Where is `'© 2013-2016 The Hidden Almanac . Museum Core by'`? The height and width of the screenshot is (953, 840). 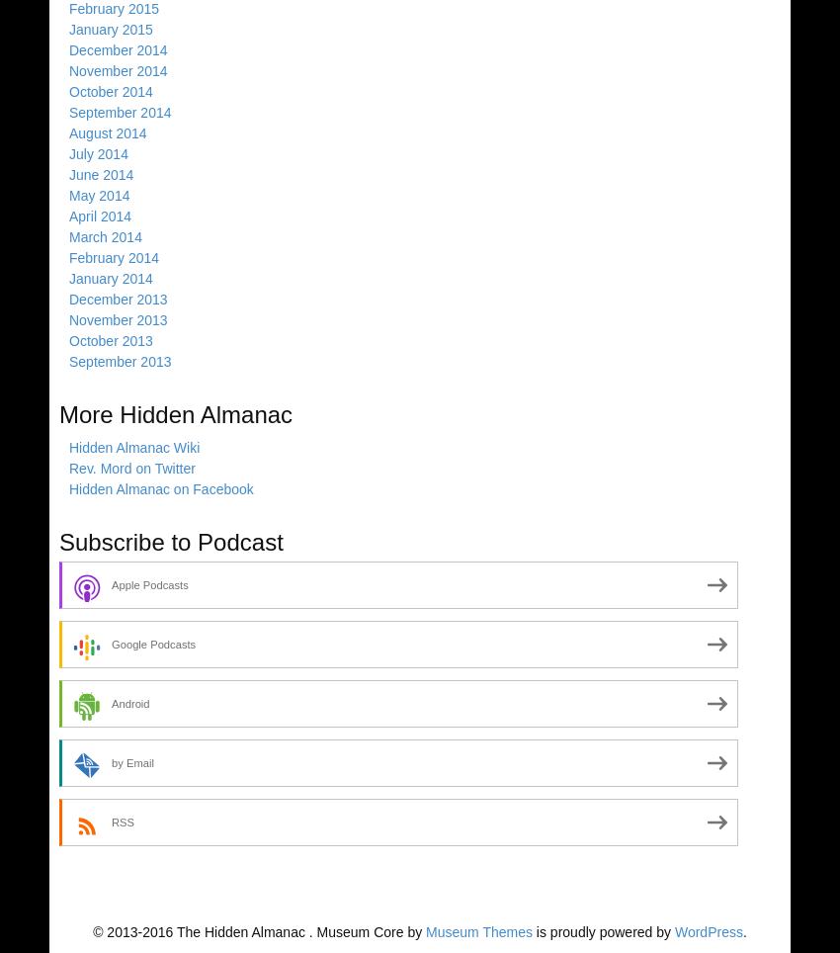 '© 2013-2016 The Hidden Almanac . Museum Core by' is located at coordinates (258, 931).